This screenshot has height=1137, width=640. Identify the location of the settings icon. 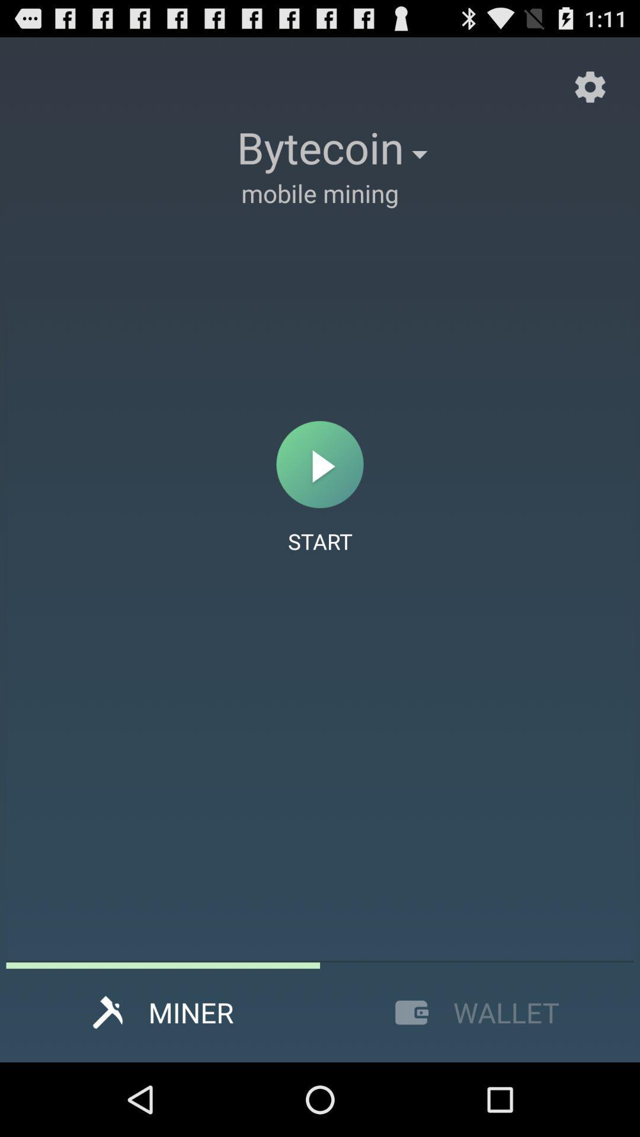
(590, 92).